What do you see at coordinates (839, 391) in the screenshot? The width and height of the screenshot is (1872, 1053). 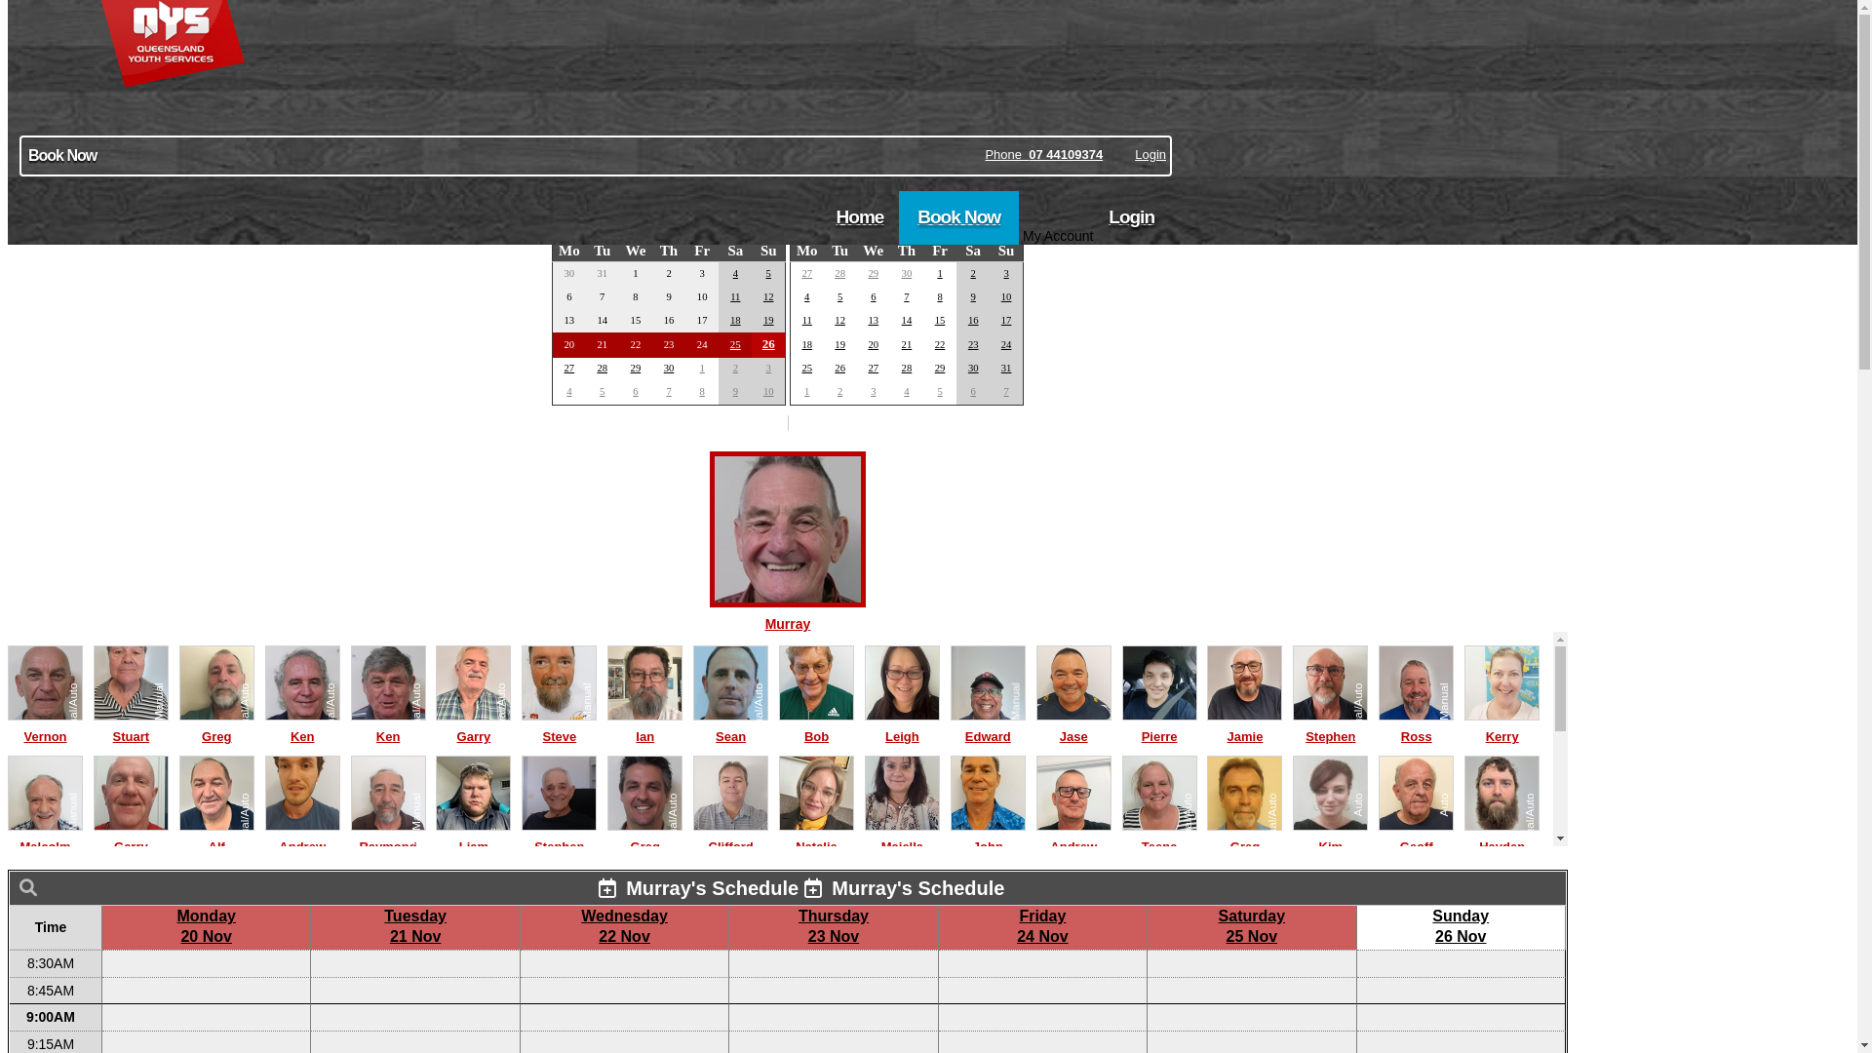 I see `'2'` at bounding box center [839, 391].